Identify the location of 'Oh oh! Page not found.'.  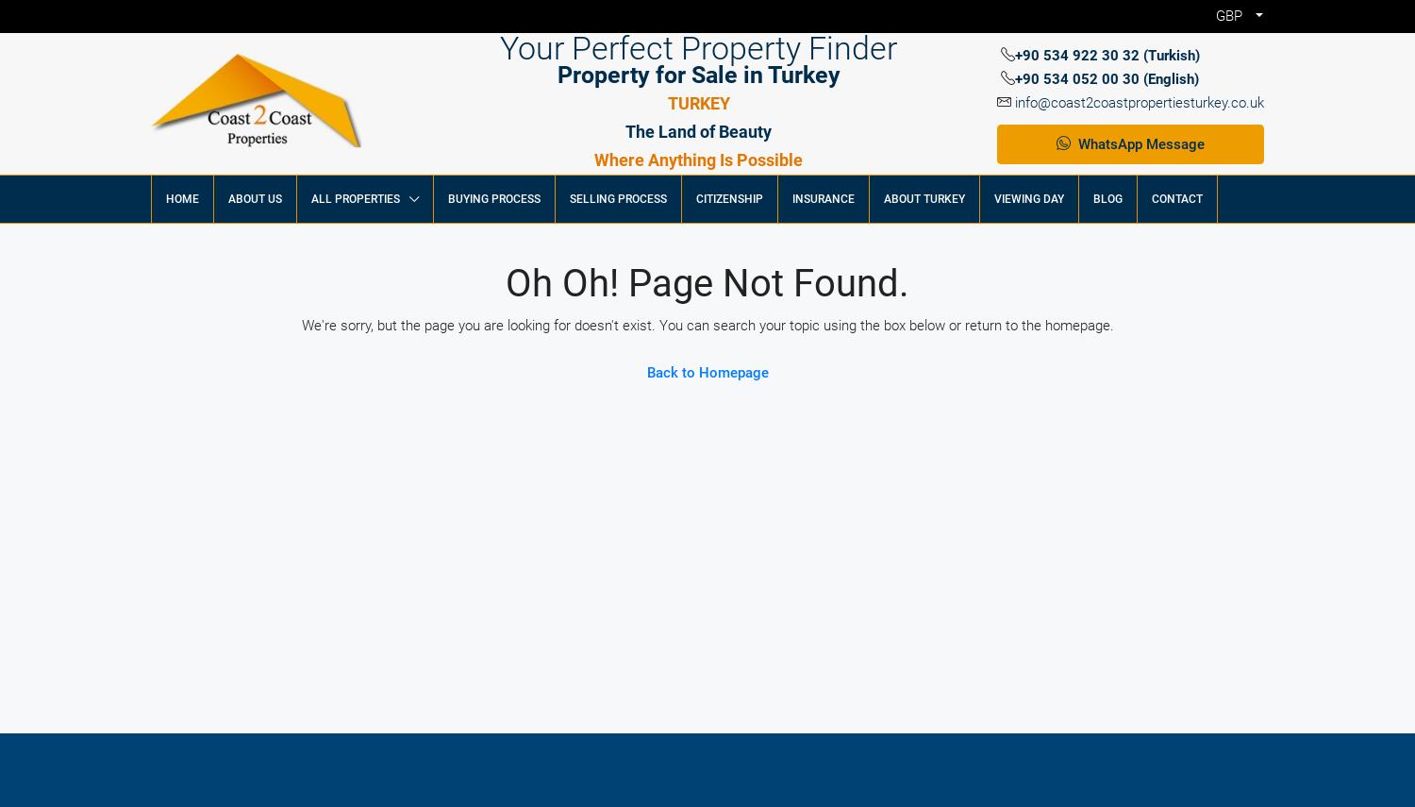
(707, 282).